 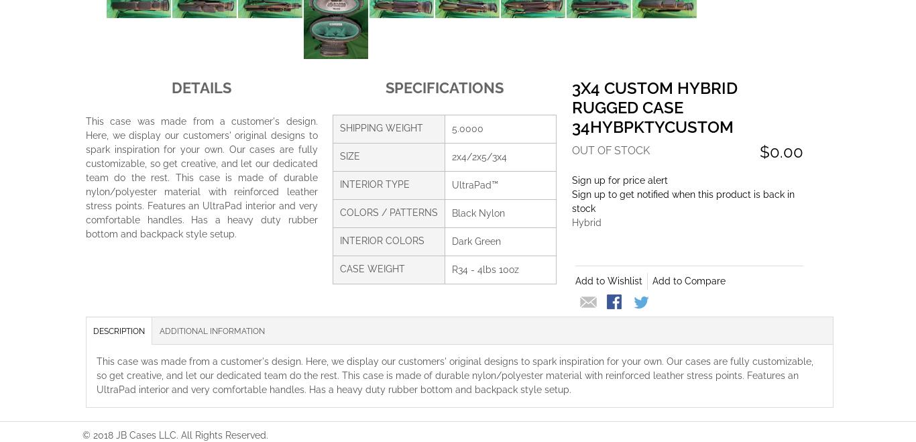 What do you see at coordinates (781, 151) in the screenshot?
I see `'$0.00'` at bounding box center [781, 151].